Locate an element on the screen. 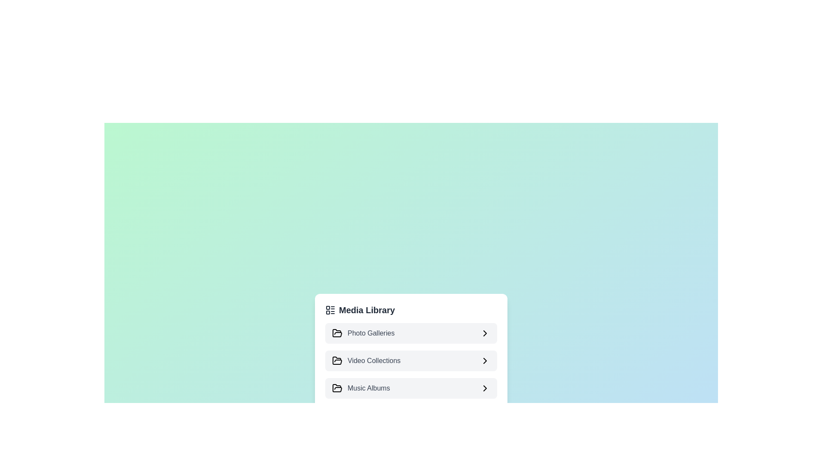  the item Video Collections to observe its hover effect is located at coordinates (410, 361).